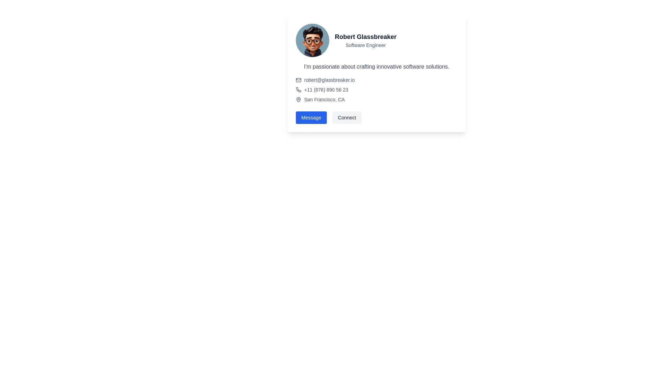  Describe the element at coordinates (299, 89) in the screenshot. I see `the phone icon located to the left of the text '+11 (876) 890 56 23' within the profile card, which enhances the comprehensibility of the contact information` at that location.